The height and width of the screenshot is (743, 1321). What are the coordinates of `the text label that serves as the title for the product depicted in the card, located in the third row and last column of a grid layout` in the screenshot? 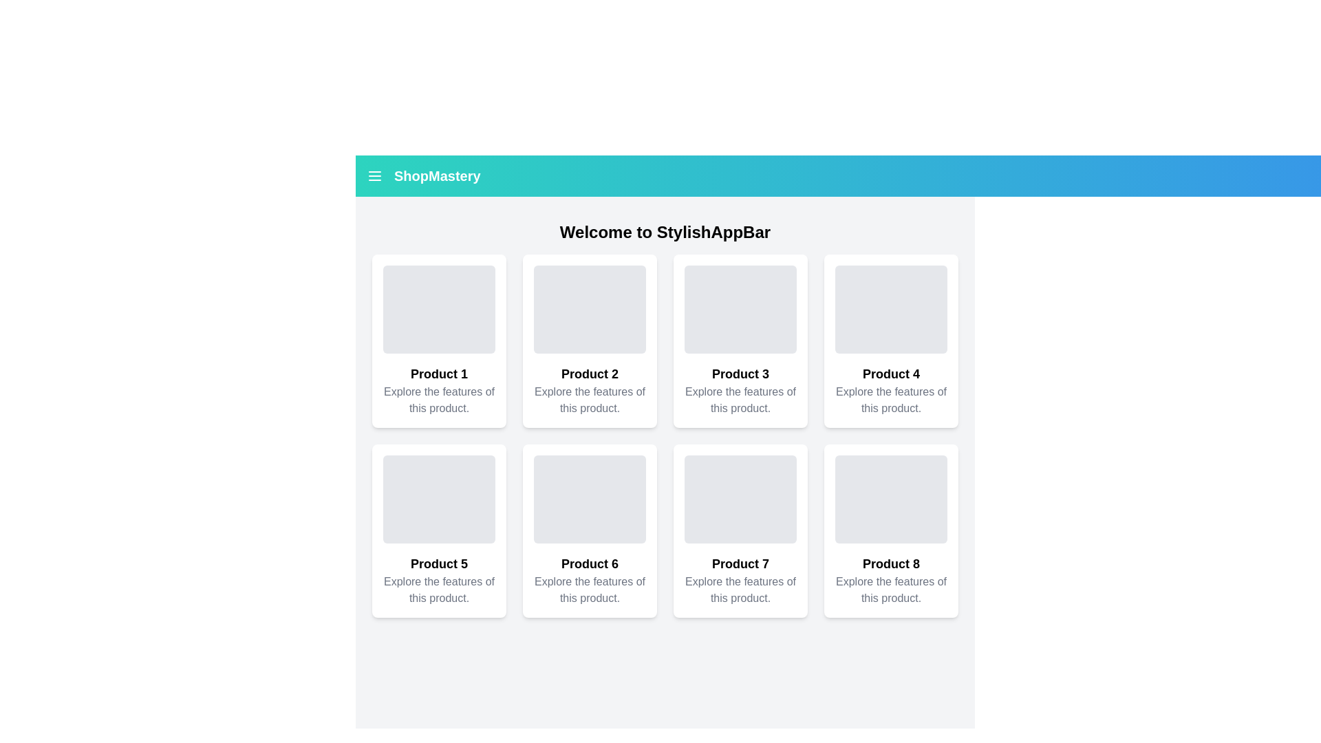 It's located at (891, 564).